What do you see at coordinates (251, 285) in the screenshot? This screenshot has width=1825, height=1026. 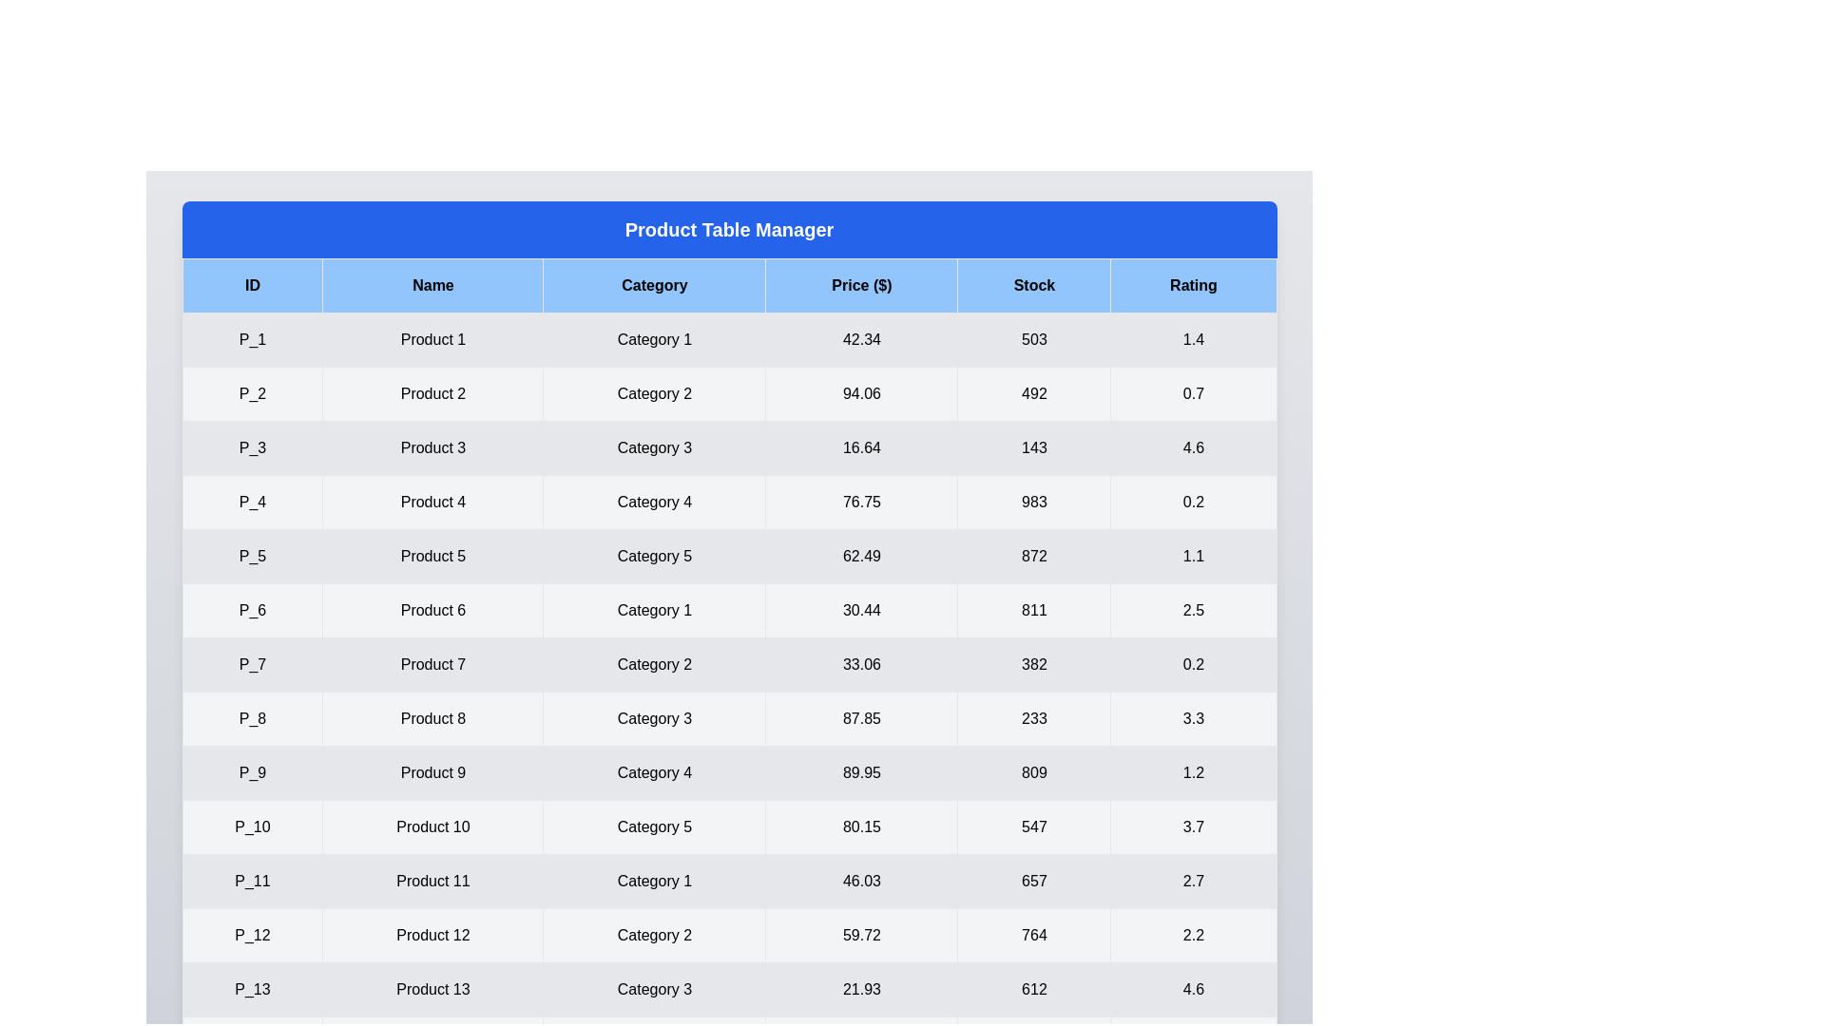 I see `the header of the column ID` at bounding box center [251, 285].